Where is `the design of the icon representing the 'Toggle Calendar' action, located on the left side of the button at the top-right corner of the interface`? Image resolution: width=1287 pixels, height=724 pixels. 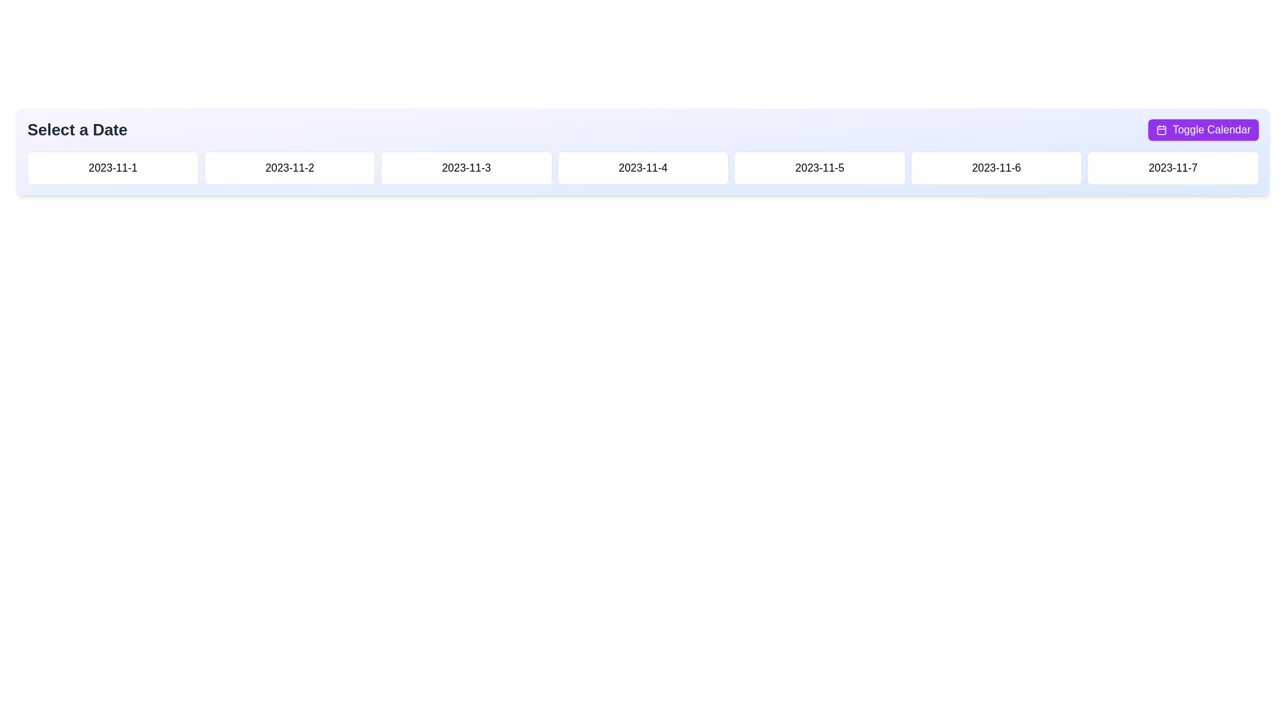 the design of the icon representing the 'Toggle Calendar' action, located on the left side of the button at the top-right corner of the interface is located at coordinates (1161, 129).